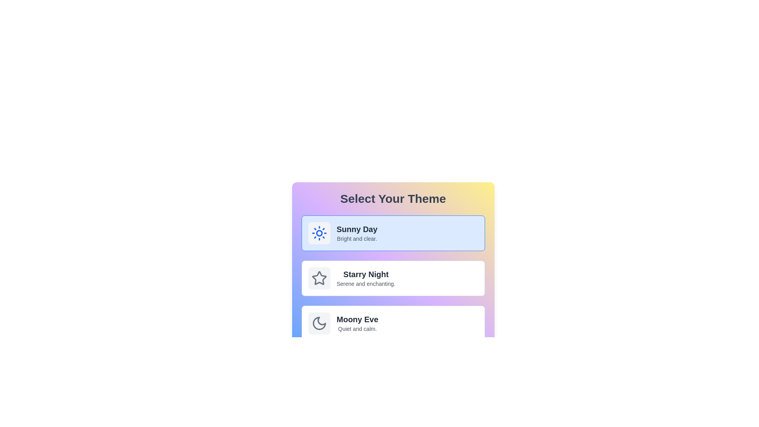  Describe the element at coordinates (357, 238) in the screenshot. I see `the text label displaying 'Bright and clear' which is located below the header 'Sunny Day' within a light blue rectangular card` at that location.